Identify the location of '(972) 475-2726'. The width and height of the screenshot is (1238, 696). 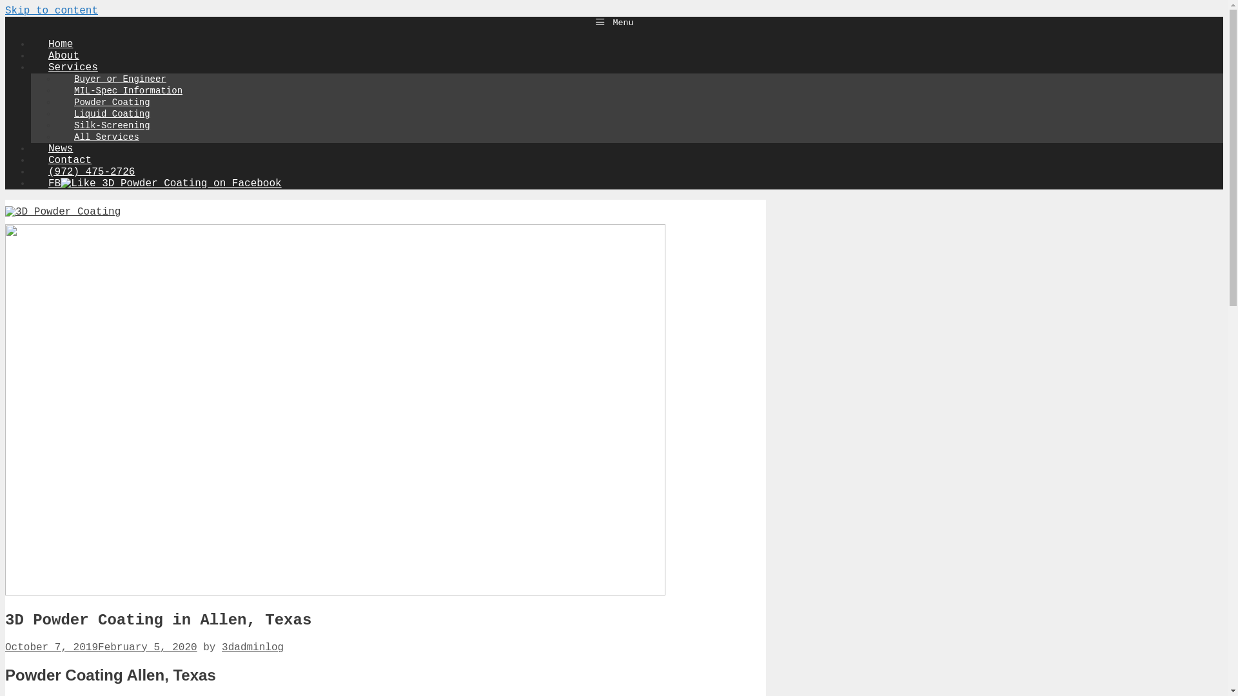
(31, 171).